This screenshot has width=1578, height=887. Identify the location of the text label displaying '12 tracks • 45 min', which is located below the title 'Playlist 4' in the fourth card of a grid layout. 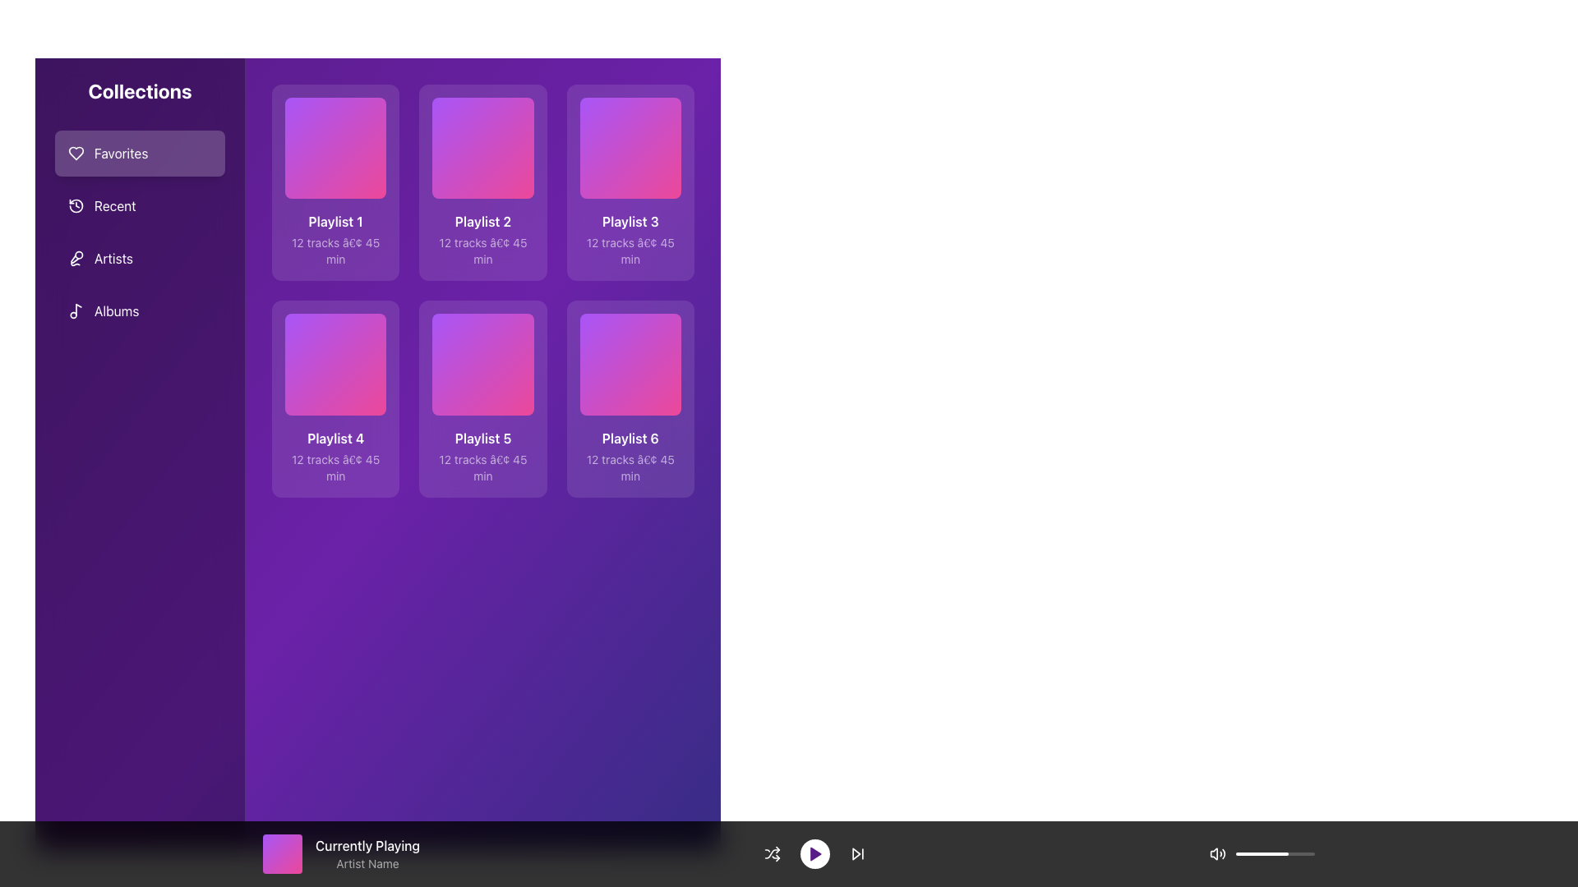
(335, 467).